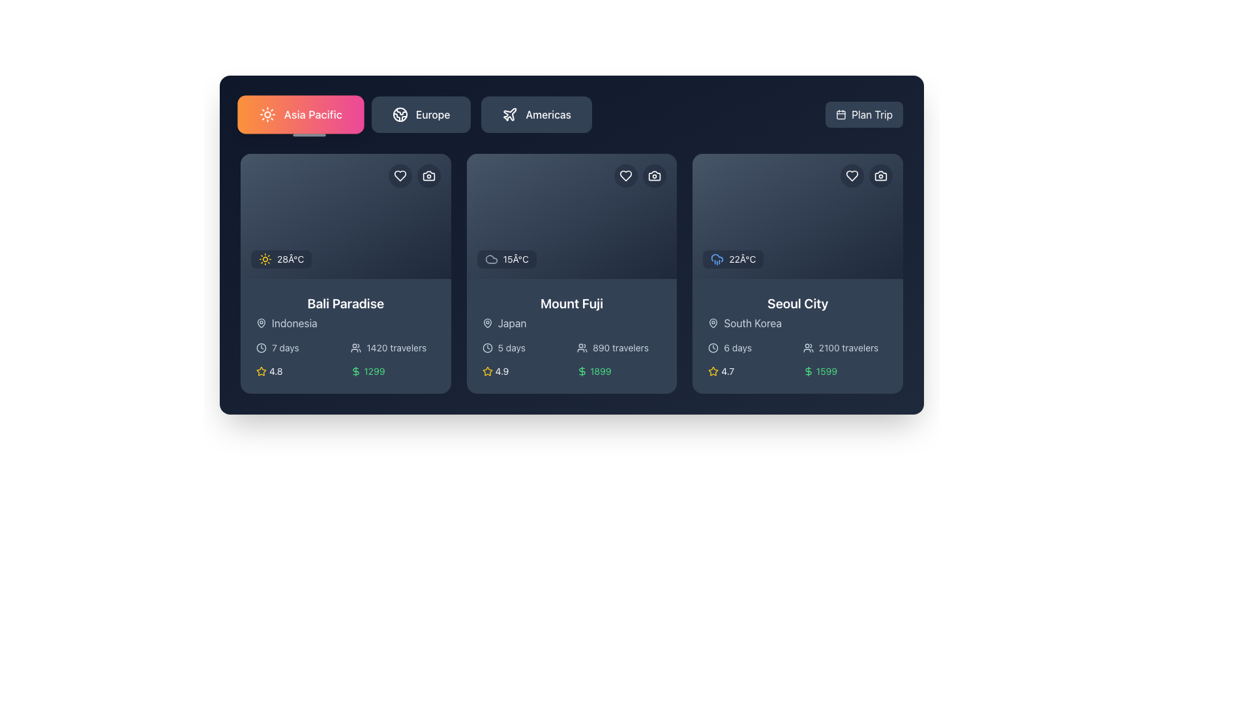 This screenshot has height=704, width=1252. What do you see at coordinates (428, 176) in the screenshot?
I see `the circular button with a dark background and a white camera icon, located as the second button from the right at the top-right corner of the card component` at bounding box center [428, 176].